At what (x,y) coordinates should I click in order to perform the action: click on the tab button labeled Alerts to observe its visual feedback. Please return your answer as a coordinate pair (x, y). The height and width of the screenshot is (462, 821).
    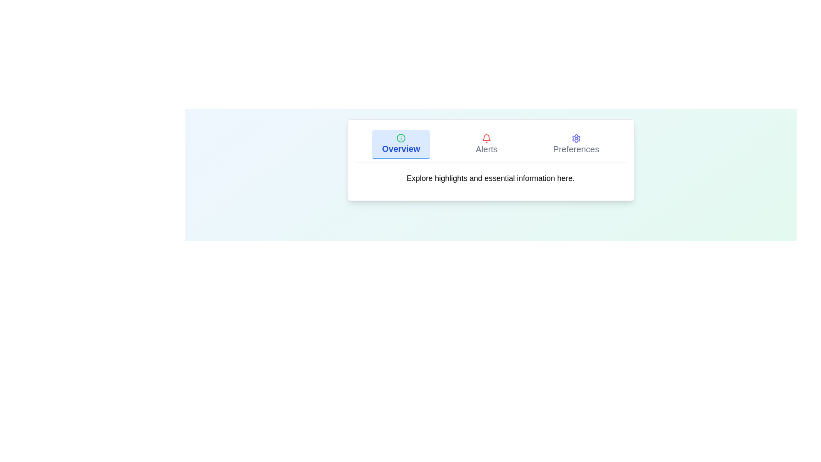
    Looking at the image, I should click on (486, 144).